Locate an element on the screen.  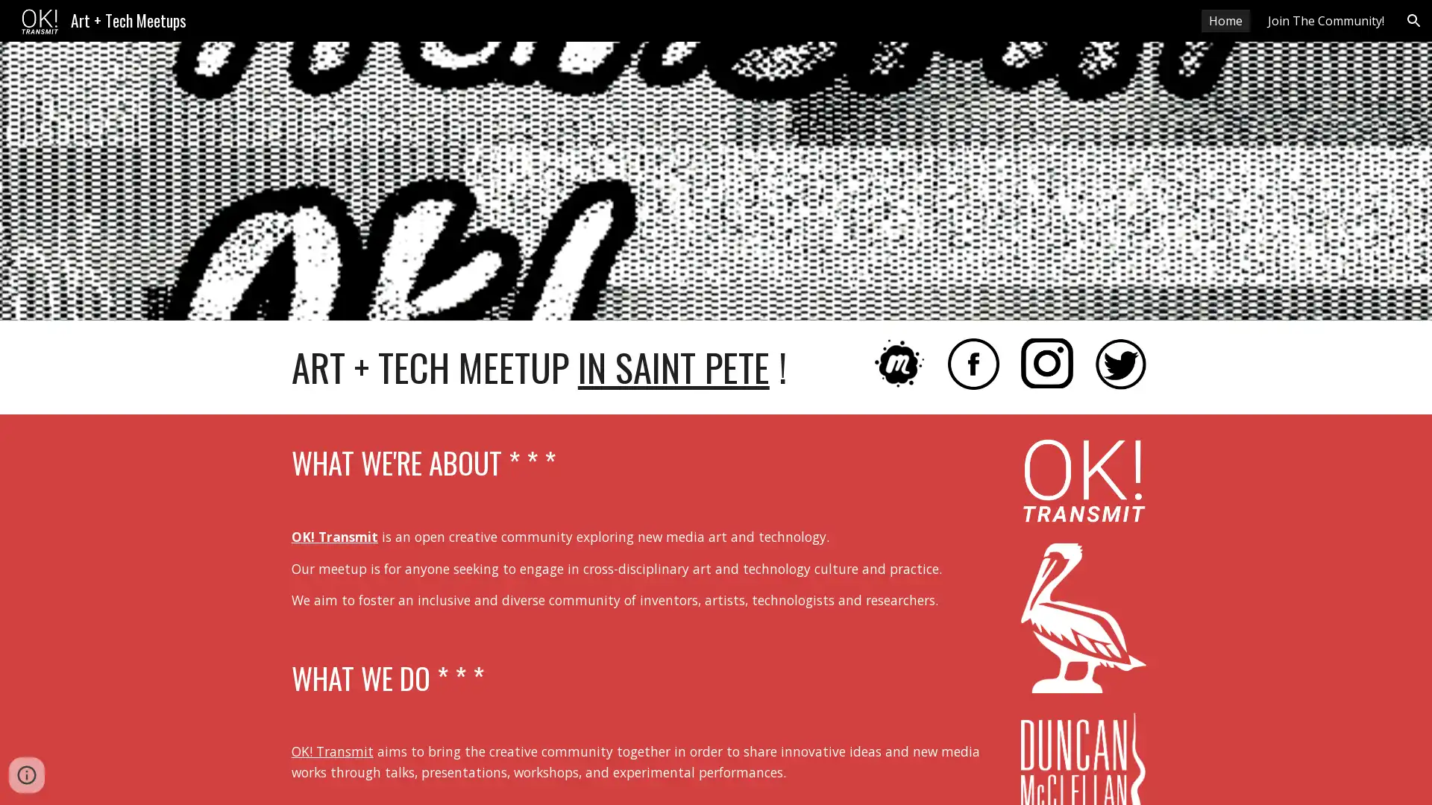
Report abuse is located at coordinates (73, 778).